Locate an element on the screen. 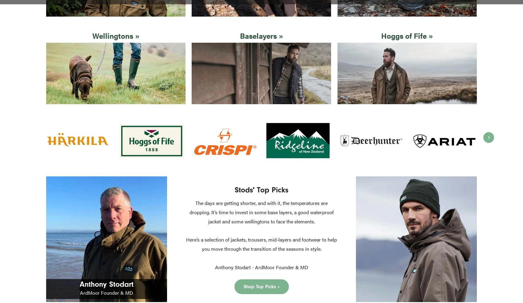  'Wellingtons »' is located at coordinates (92, 35).